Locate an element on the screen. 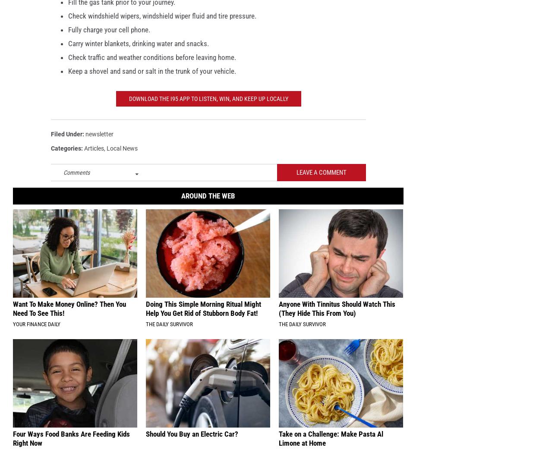 This screenshot has width=555, height=450. 'Filed Under' is located at coordinates (66, 139).